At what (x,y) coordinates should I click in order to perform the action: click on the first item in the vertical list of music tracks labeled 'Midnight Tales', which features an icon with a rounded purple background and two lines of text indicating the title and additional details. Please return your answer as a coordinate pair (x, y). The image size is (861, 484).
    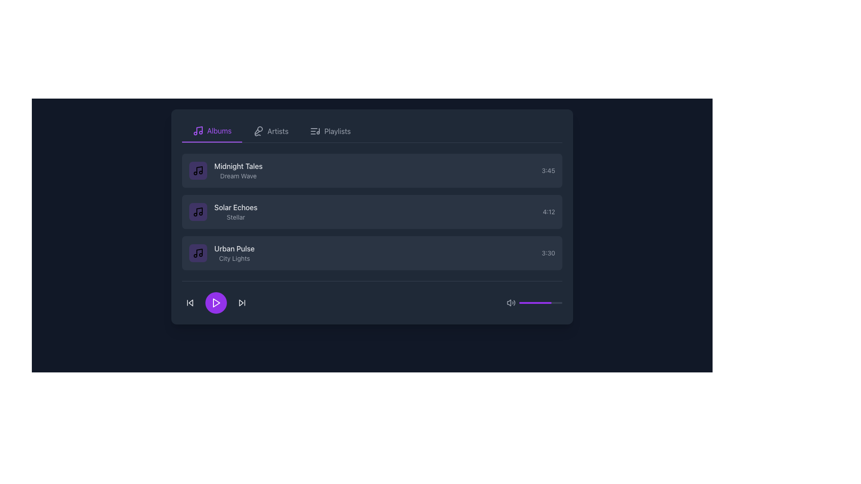
    Looking at the image, I should click on (226, 171).